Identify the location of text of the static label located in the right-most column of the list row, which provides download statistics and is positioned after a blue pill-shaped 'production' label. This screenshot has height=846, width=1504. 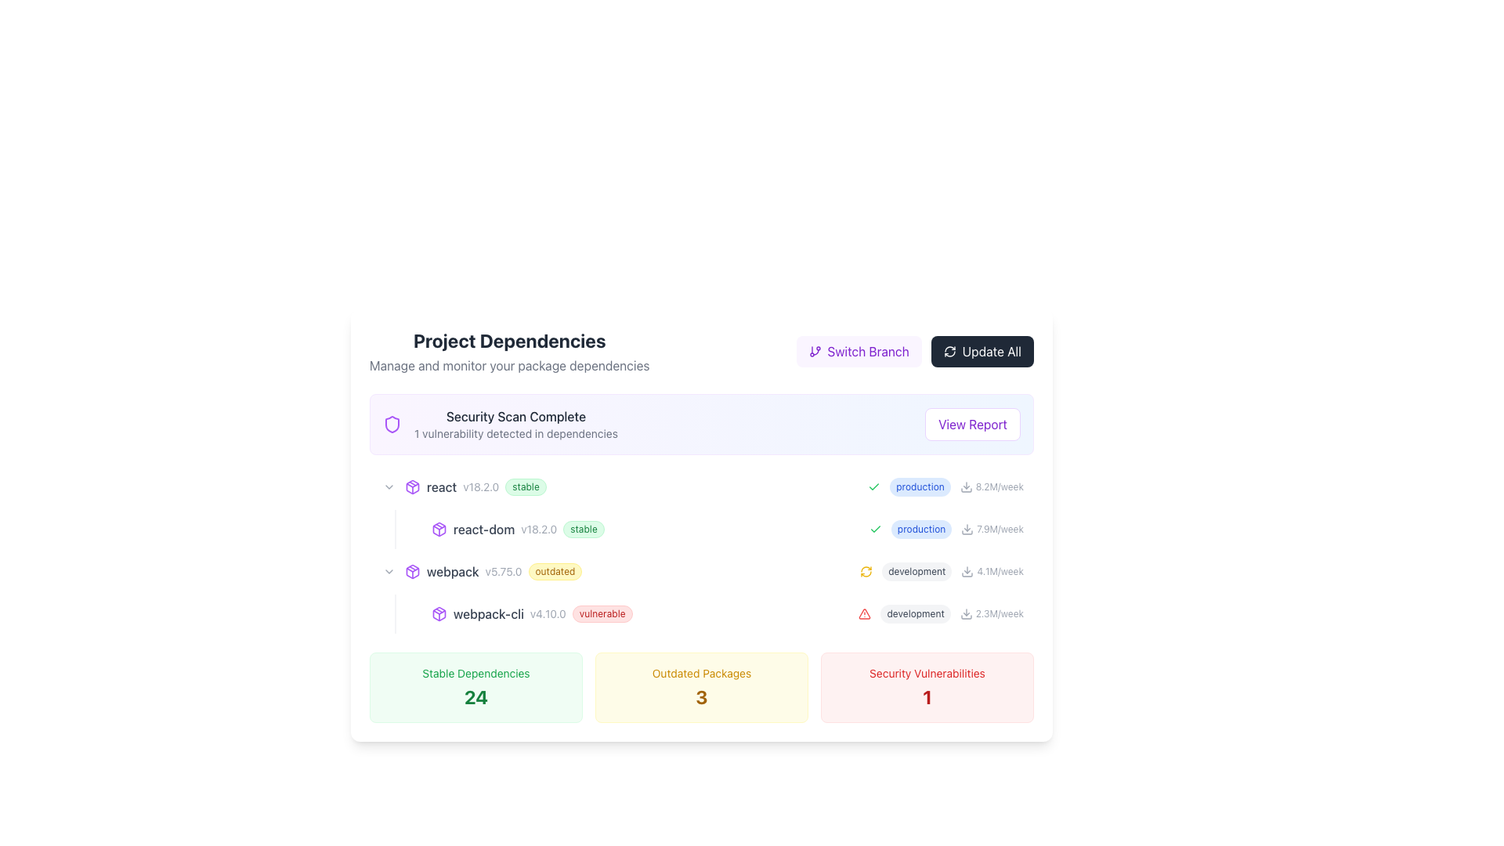
(999, 486).